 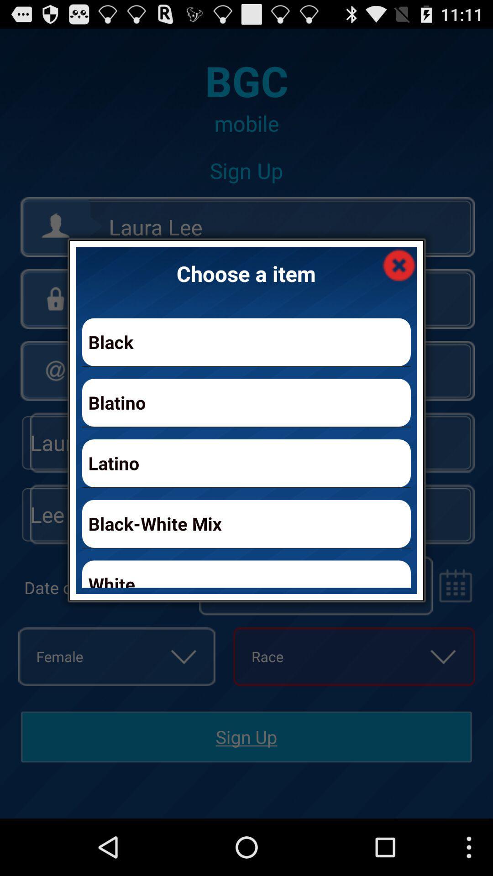 I want to click on item below the blatino icon, so click(x=246, y=463).